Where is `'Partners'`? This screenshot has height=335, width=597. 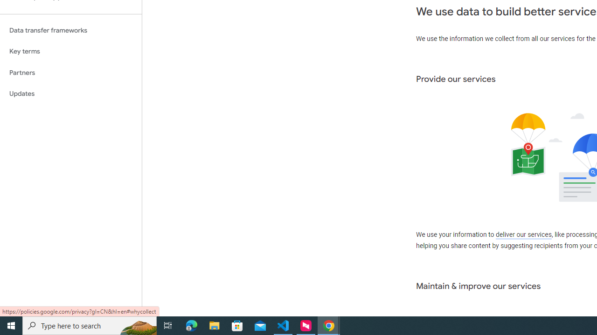 'Partners' is located at coordinates (70, 72).